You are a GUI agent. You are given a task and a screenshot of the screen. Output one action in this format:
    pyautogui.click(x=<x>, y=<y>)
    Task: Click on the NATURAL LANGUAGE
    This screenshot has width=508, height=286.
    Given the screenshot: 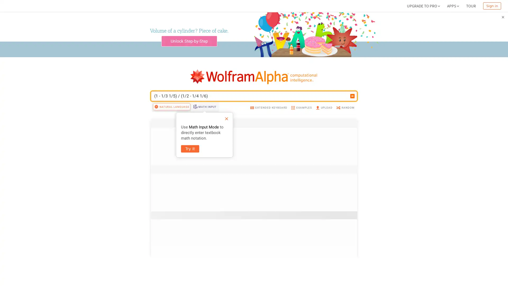 What is the action you would take?
    pyautogui.click(x=171, y=106)
    